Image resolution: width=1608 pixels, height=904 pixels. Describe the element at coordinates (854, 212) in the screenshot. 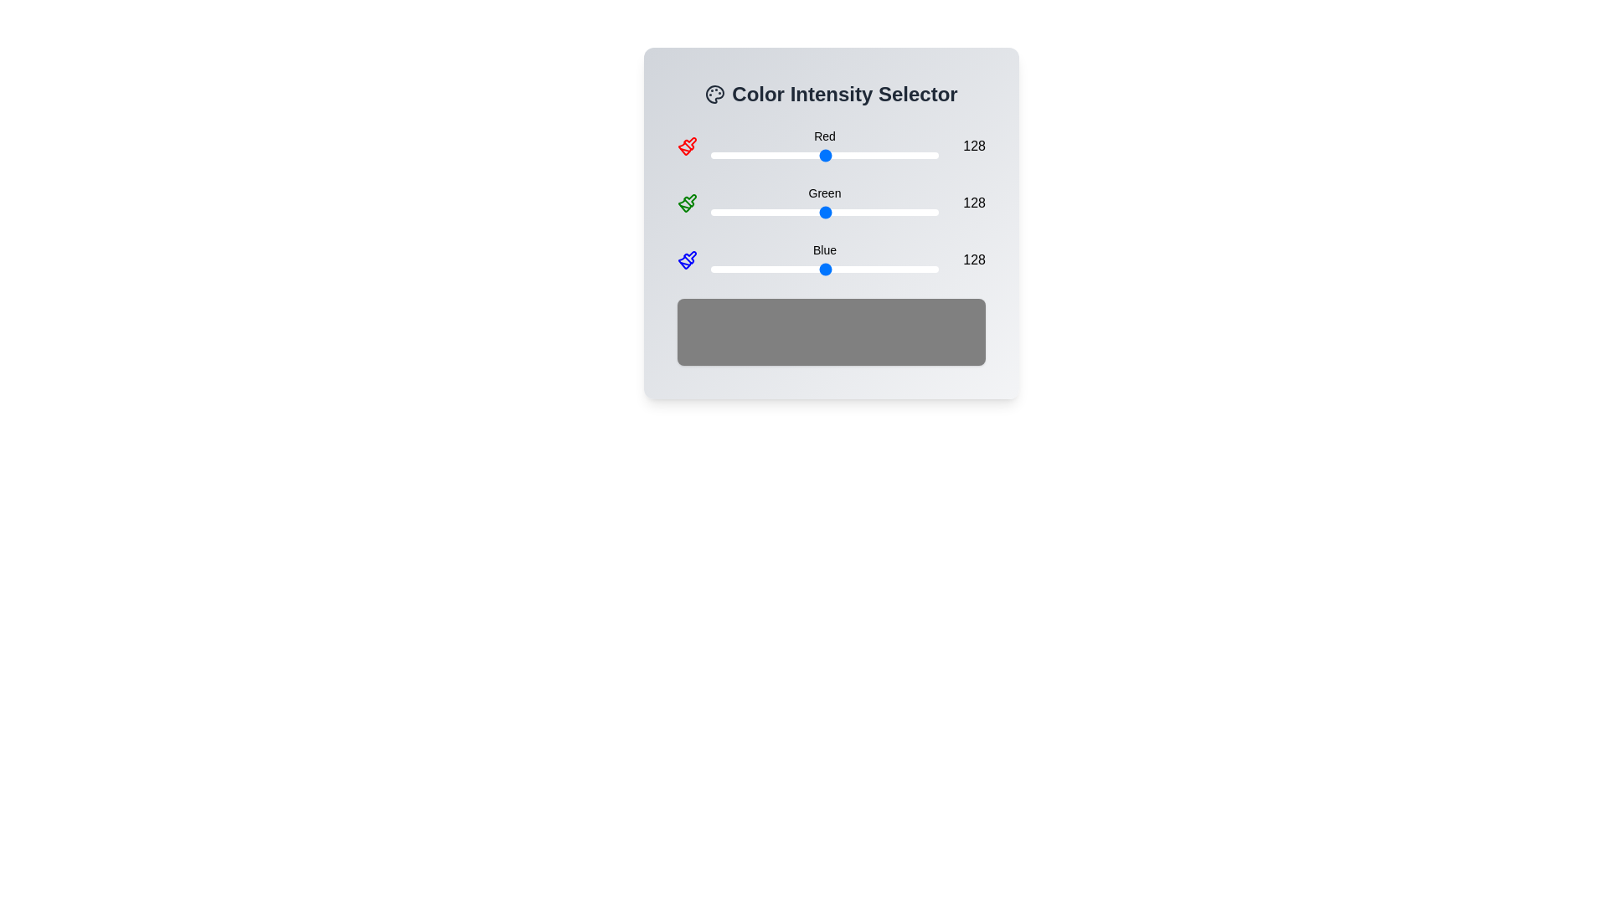

I see `the green color intensity` at that location.